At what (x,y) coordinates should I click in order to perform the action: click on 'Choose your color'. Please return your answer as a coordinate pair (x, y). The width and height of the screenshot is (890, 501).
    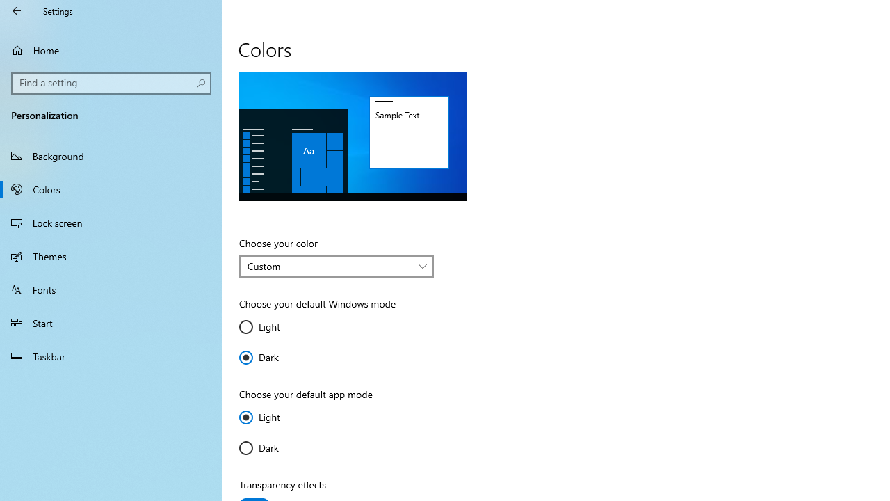
    Looking at the image, I should click on (337, 267).